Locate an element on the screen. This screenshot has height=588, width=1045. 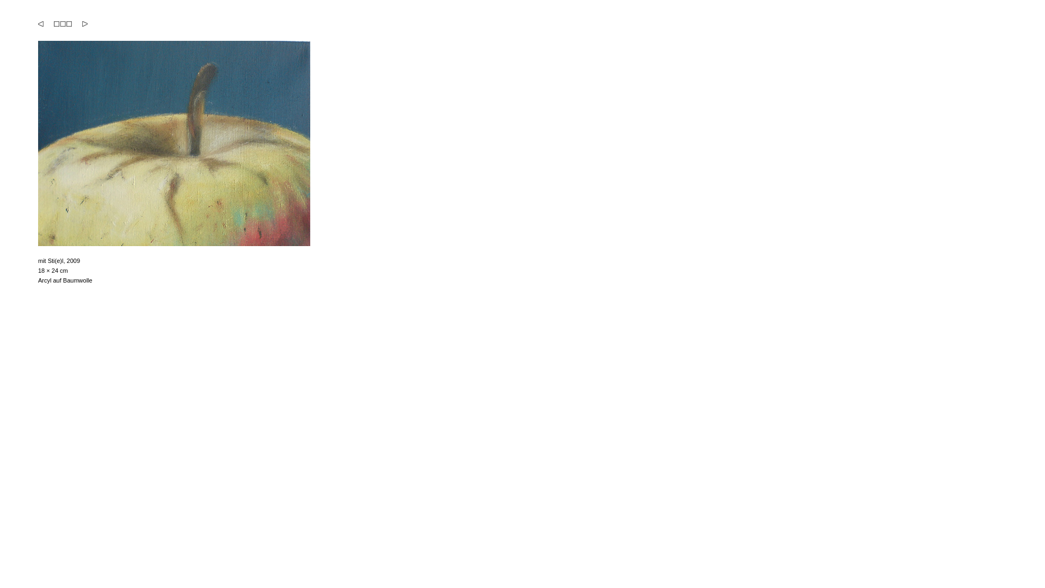
'weiter' is located at coordinates (84, 23).